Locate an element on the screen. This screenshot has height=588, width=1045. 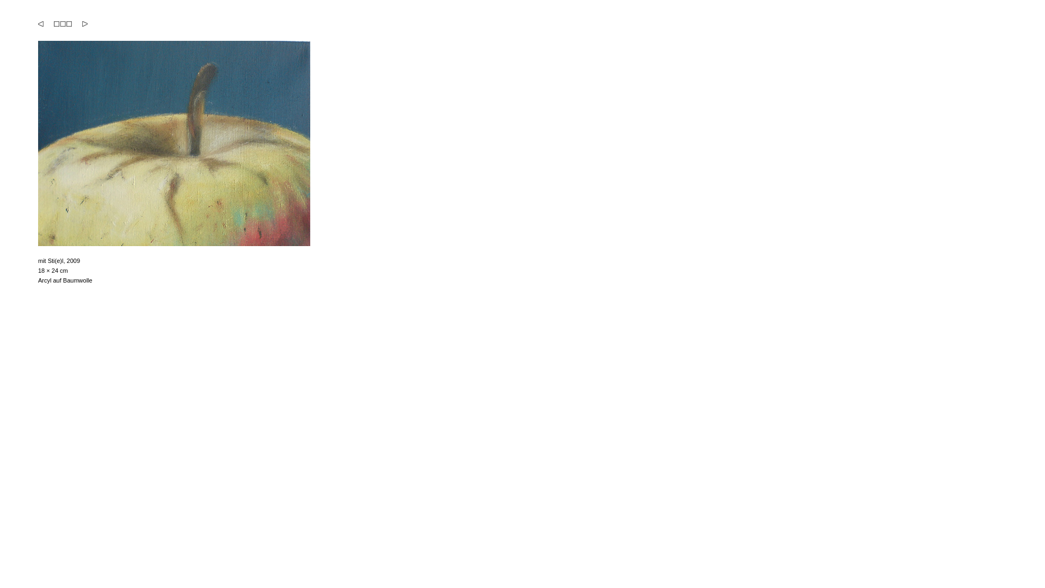
'weiter' is located at coordinates (84, 23).